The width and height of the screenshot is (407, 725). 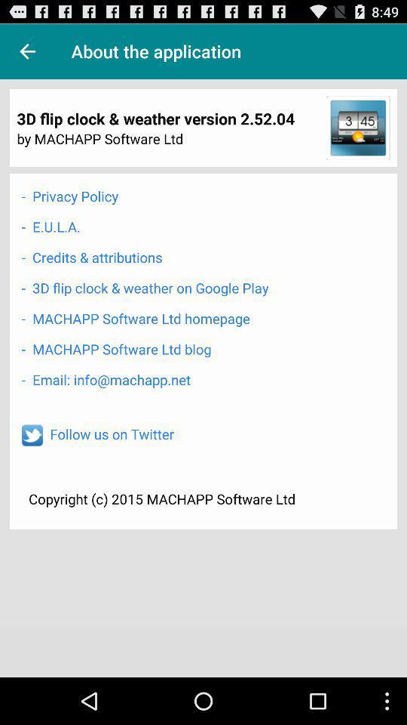 I want to click on icon below the -  privacy policy, so click(x=50, y=226).